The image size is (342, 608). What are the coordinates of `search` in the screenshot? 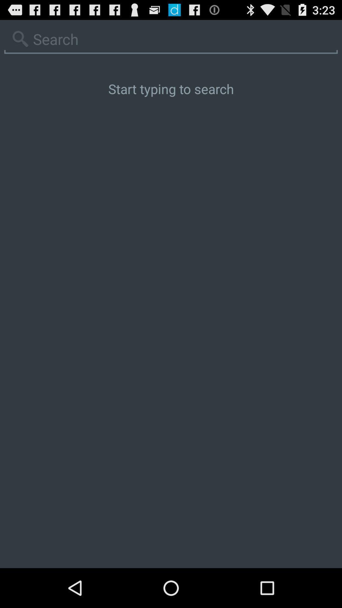 It's located at (171, 39).